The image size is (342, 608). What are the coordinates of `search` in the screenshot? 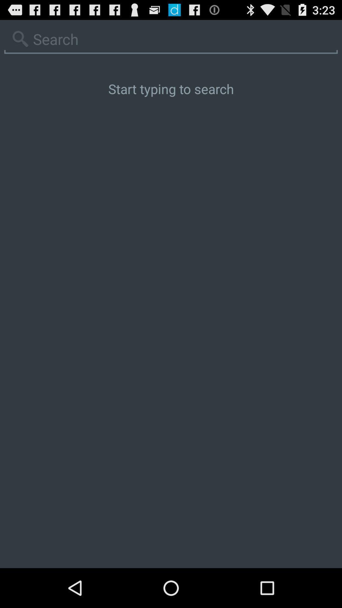 It's located at (171, 39).